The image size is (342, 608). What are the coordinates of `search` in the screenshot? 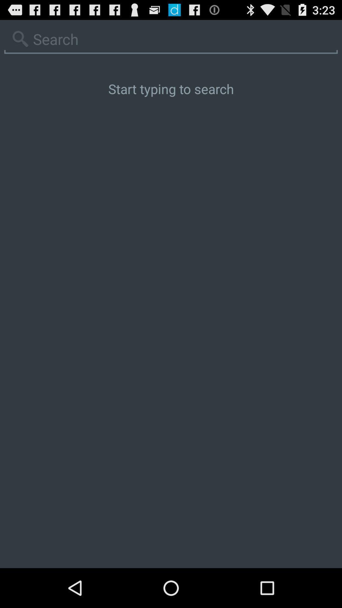 It's located at (171, 39).